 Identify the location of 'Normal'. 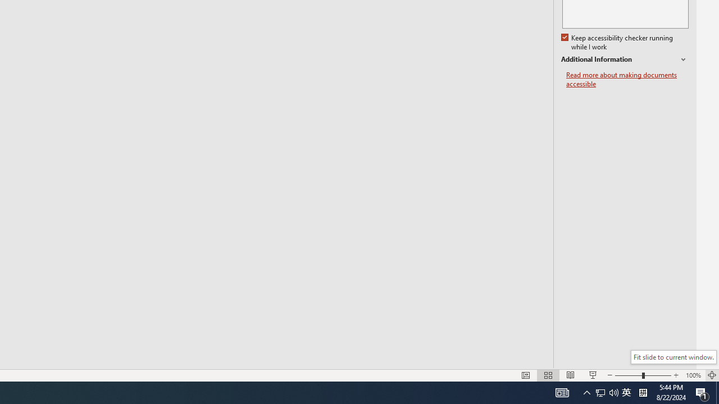
(525, 375).